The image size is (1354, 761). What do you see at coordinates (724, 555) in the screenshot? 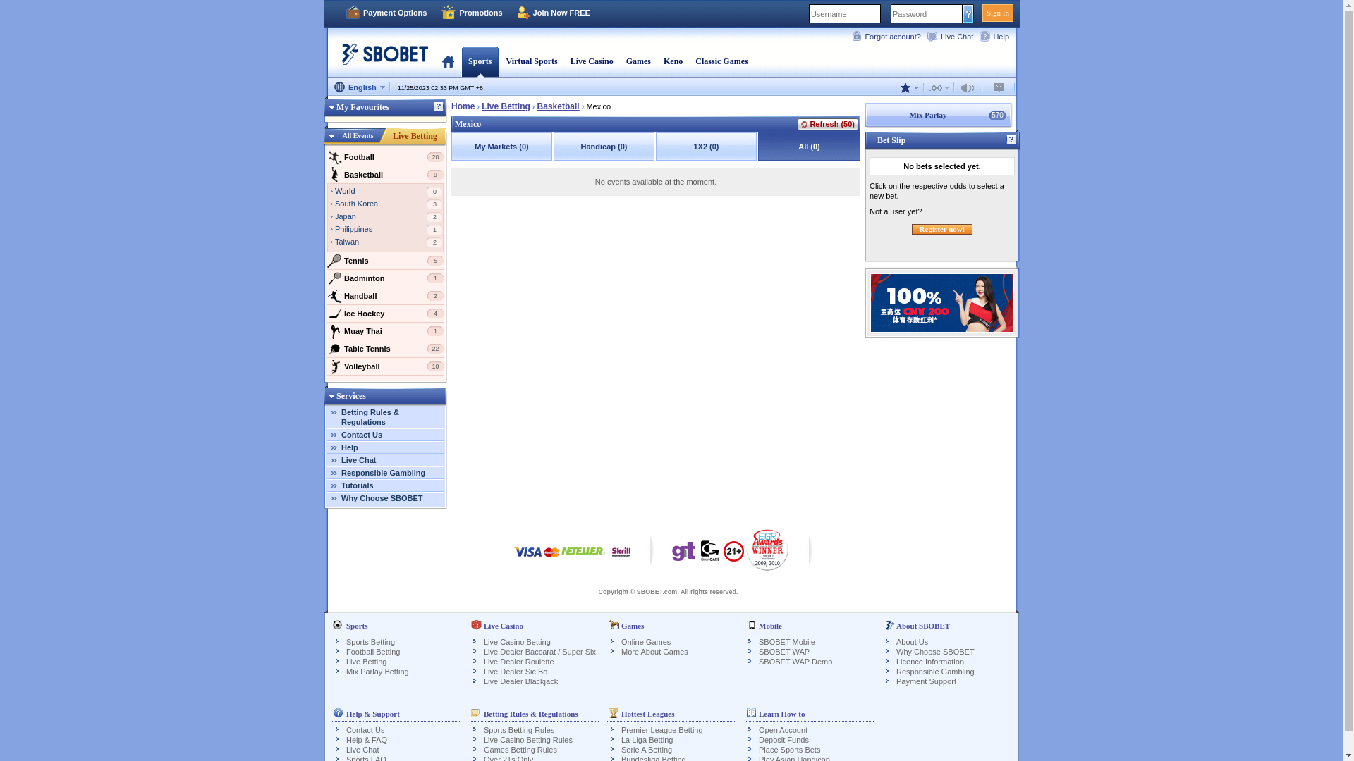
I see `'Responsible Gambling - Over 21s only'` at bounding box center [724, 555].